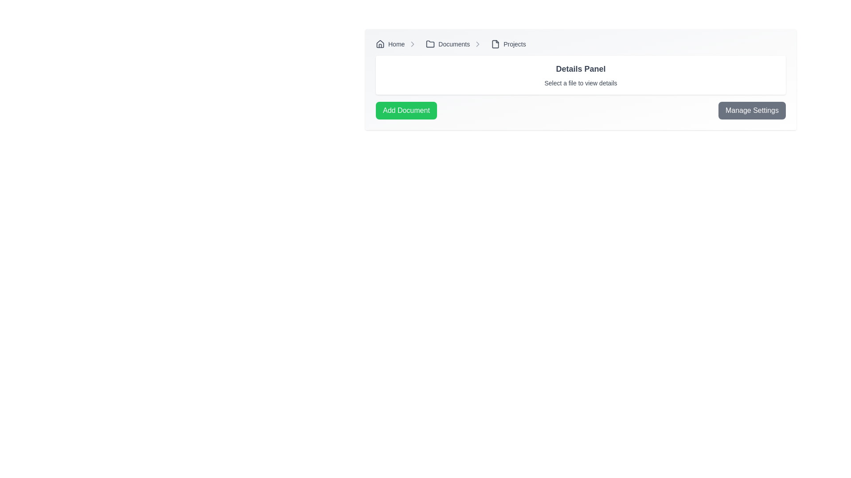 This screenshot has height=478, width=851. I want to click on the folder icon located in the breadcrumb navigation bar, which is styled with a dark gray or black outline and is directly to the left of the 'Documents' text label, so click(430, 44).